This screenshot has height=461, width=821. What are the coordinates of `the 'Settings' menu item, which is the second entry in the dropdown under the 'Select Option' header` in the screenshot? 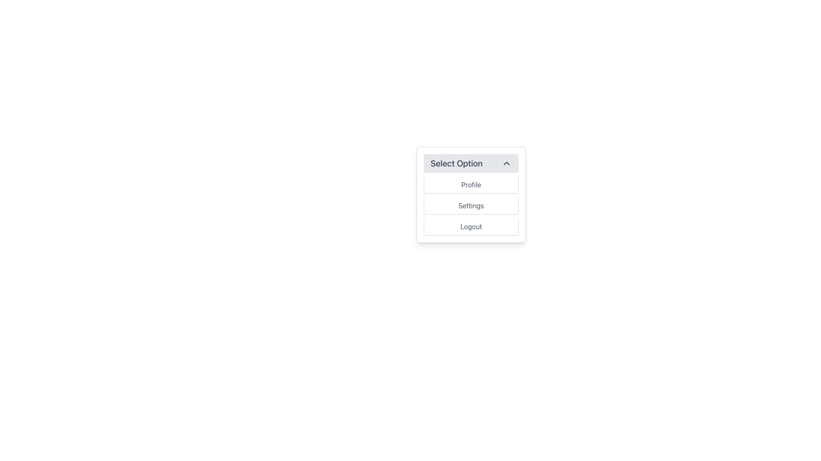 It's located at (471, 206).